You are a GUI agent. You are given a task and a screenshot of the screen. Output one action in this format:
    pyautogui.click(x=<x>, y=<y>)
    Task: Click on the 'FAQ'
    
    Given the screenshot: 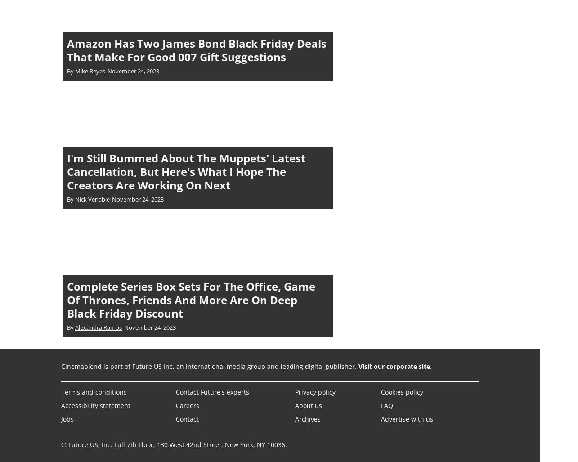 What is the action you would take?
    pyautogui.click(x=386, y=404)
    